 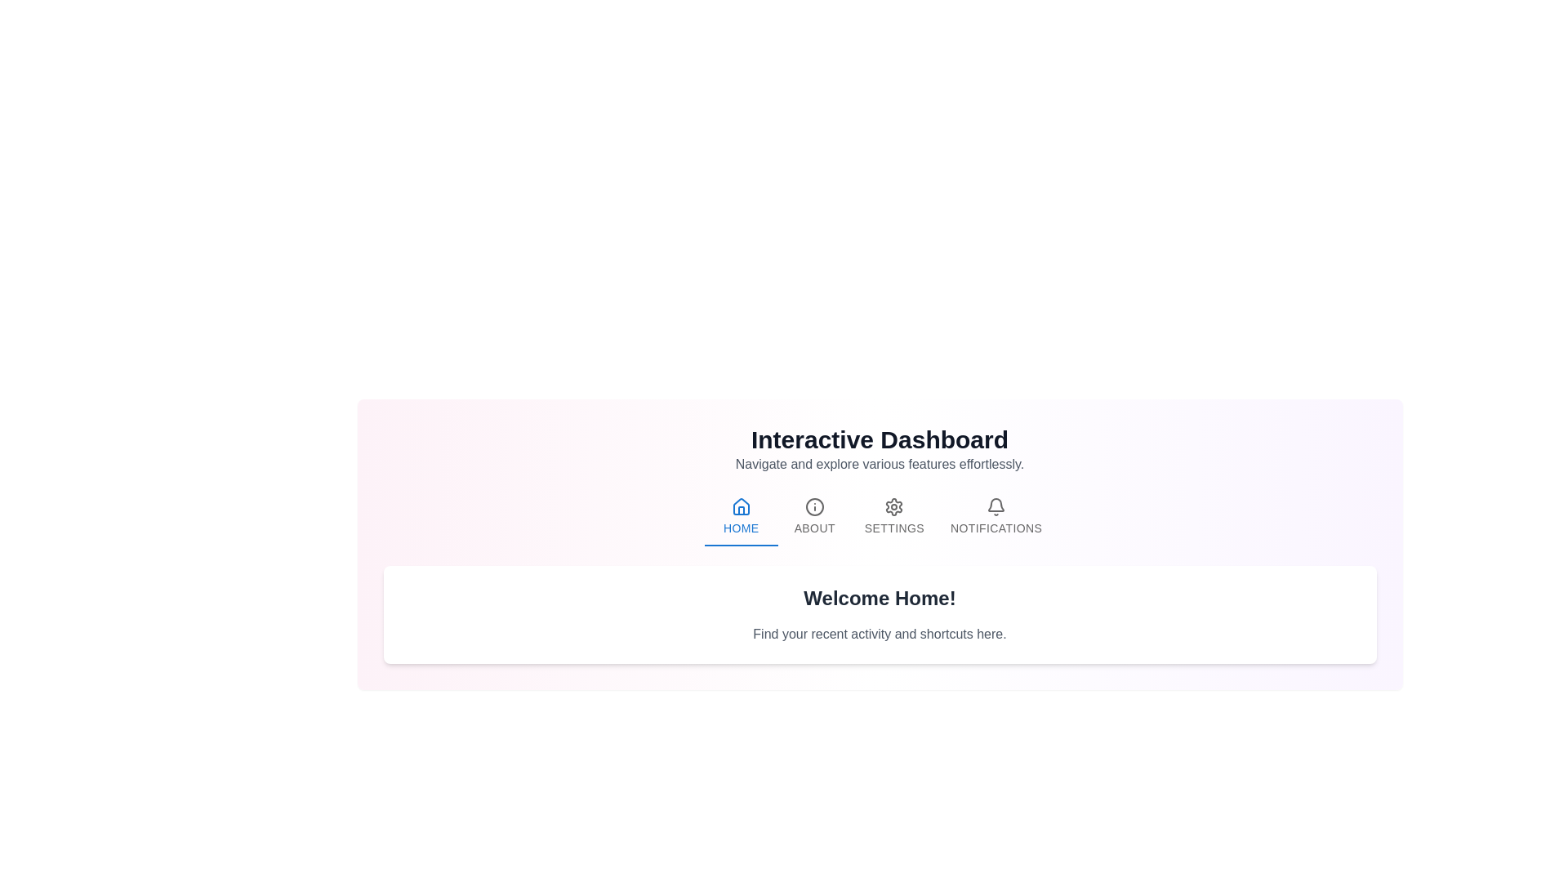 What do you see at coordinates (893, 516) in the screenshot?
I see `the 'Settings' tab button, which features a gear icon and bold text` at bounding box center [893, 516].